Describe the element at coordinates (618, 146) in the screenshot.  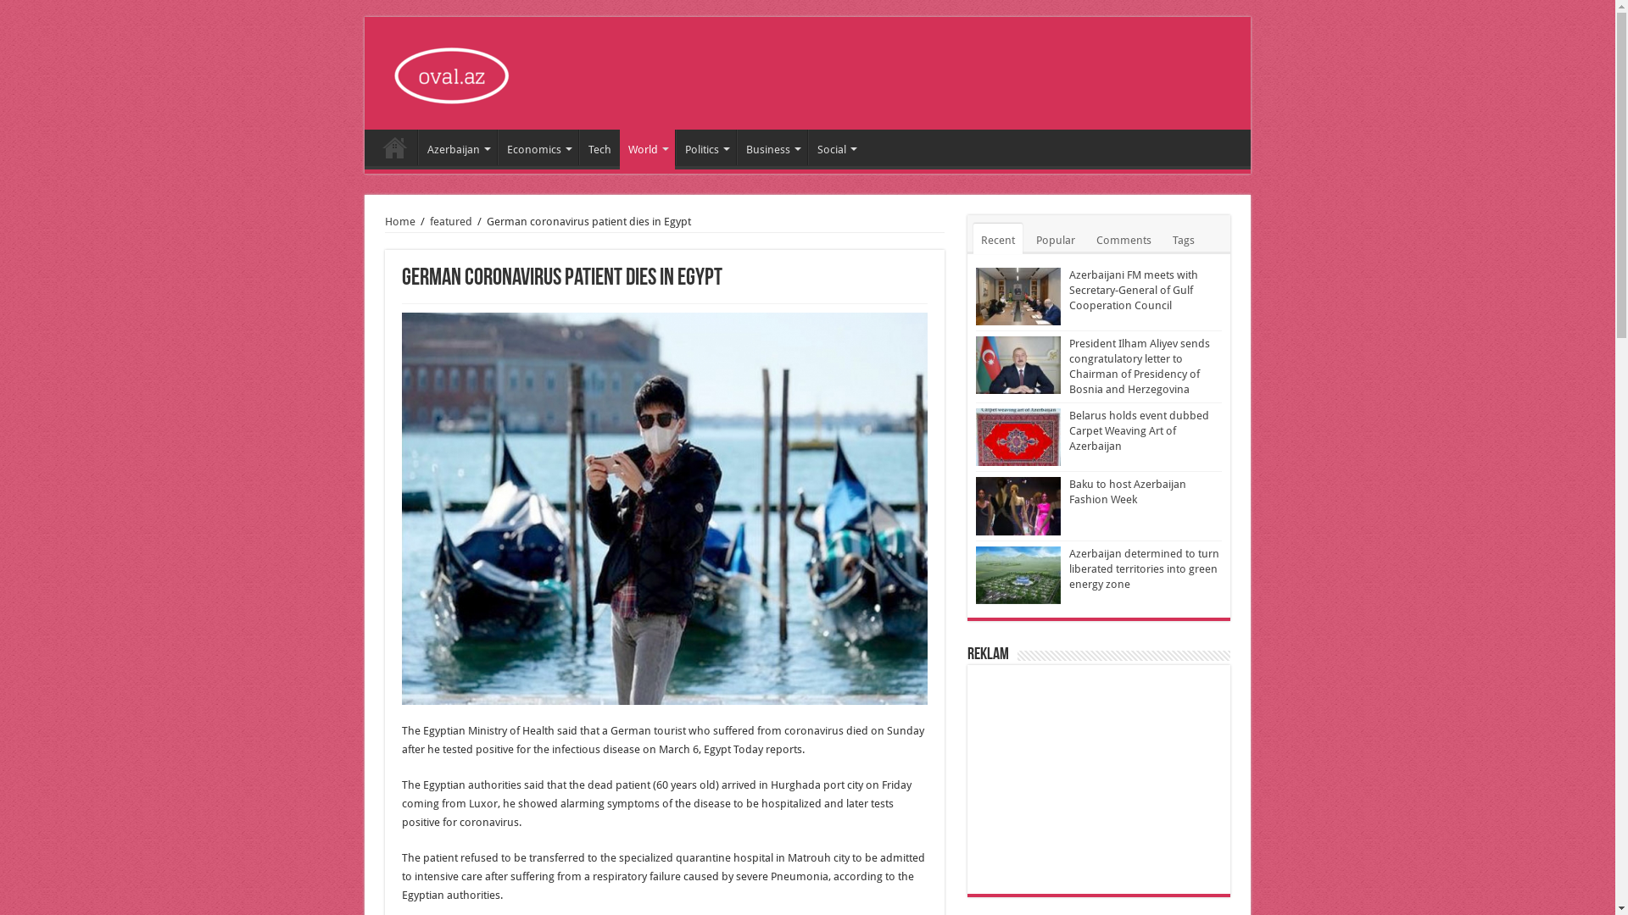
I see `'World'` at that location.